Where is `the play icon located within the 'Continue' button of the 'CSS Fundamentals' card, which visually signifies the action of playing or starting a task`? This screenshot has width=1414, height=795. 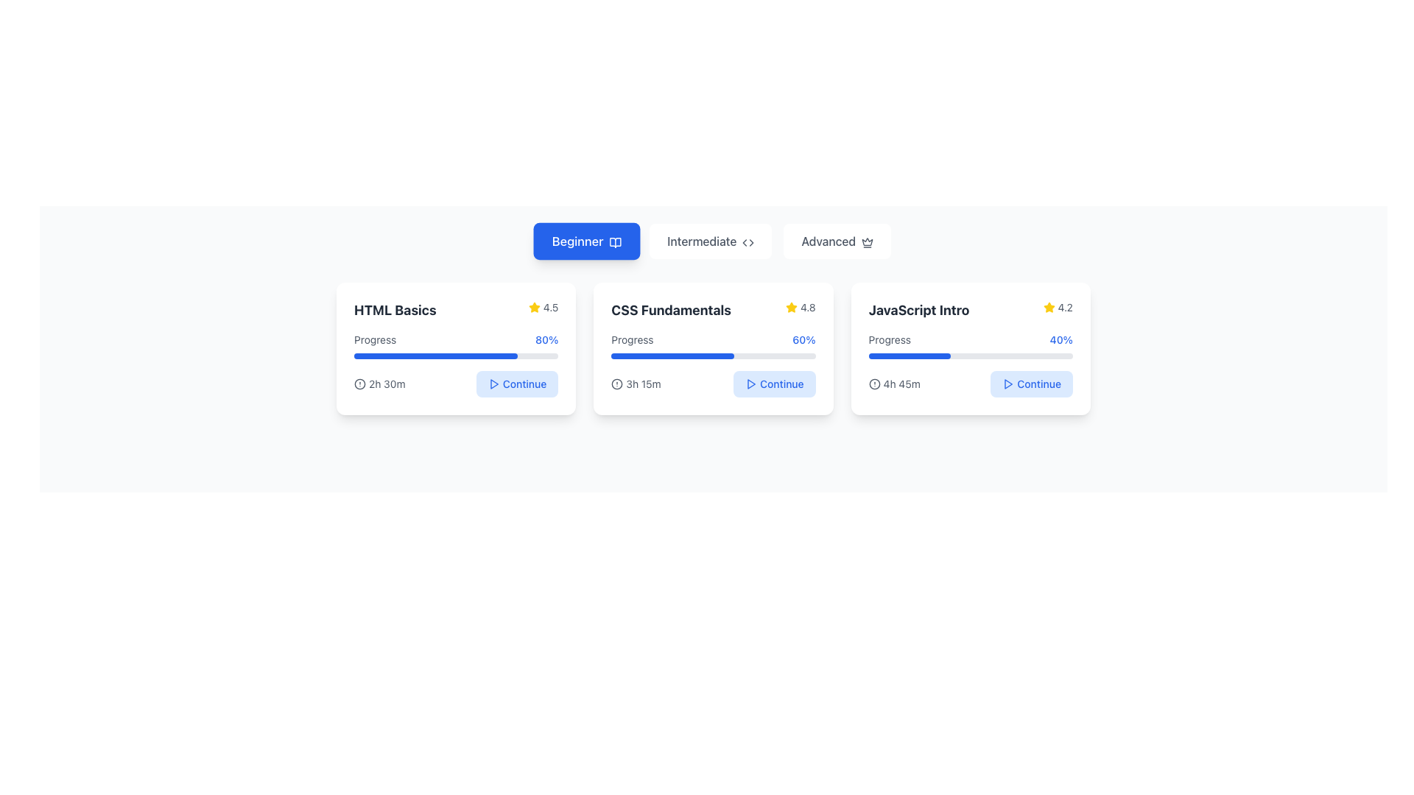 the play icon located within the 'Continue' button of the 'CSS Fundamentals' card, which visually signifies the action of playing or starting a task is located at coordinates (1008, 383).